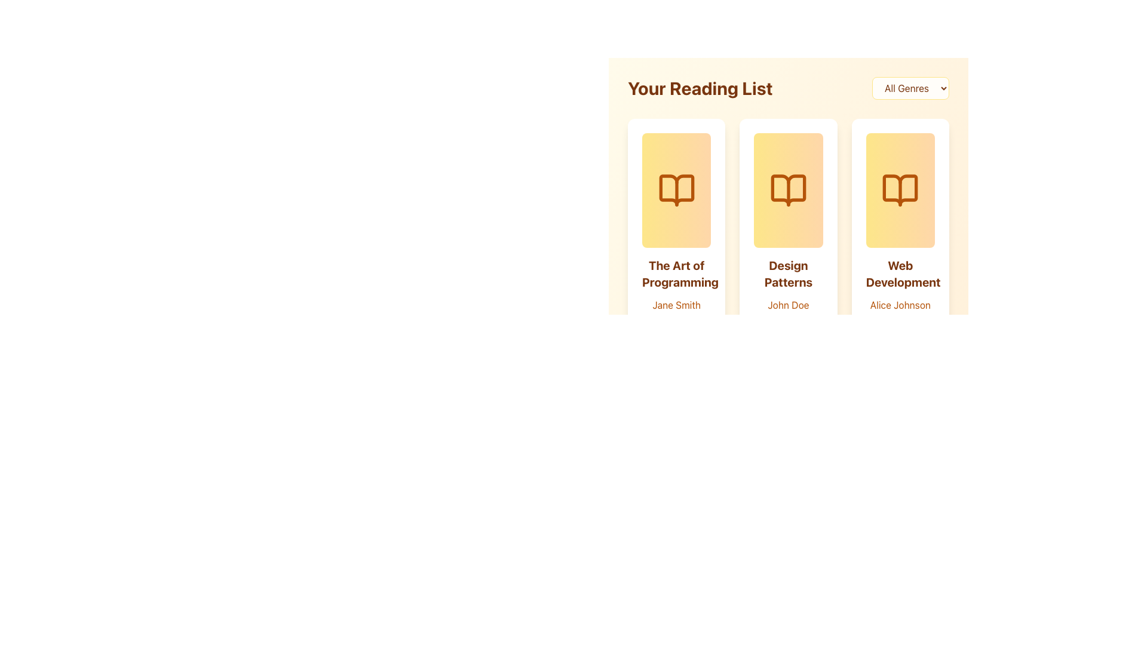 This screenshot has width=1147, height=645. I want to click on the author name label located below the card title 'The Art of Programming' in the reading list section, so click(676, 304).